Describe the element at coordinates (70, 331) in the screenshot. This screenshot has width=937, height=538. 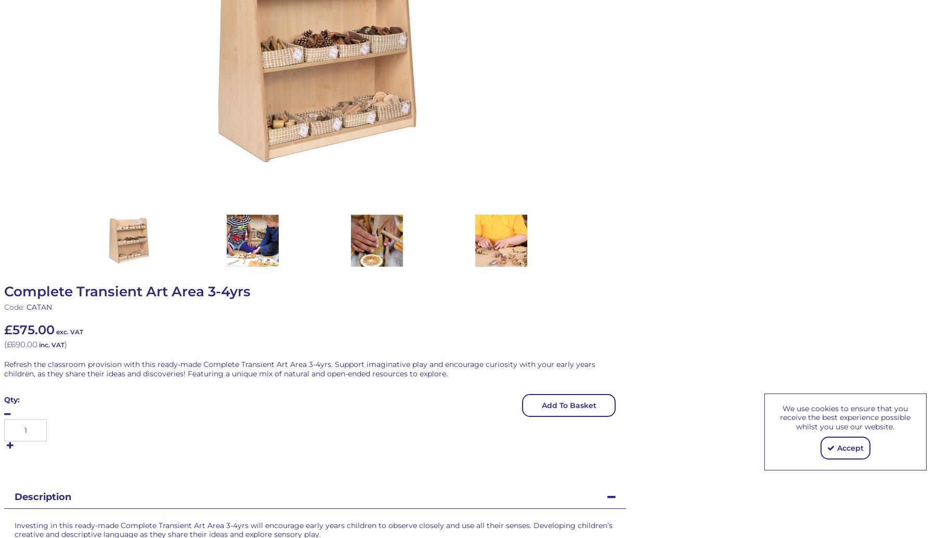
I see `'exc. VAT'` at that location.